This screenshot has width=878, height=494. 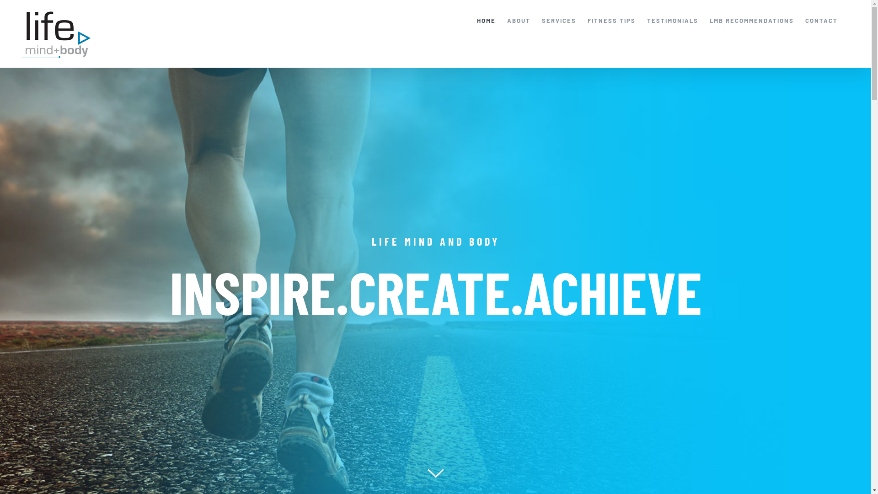 What do you see at coordinates (542, 21) in the screenshot?
I see `'SERVICES'` at bounding box center [542, 21].